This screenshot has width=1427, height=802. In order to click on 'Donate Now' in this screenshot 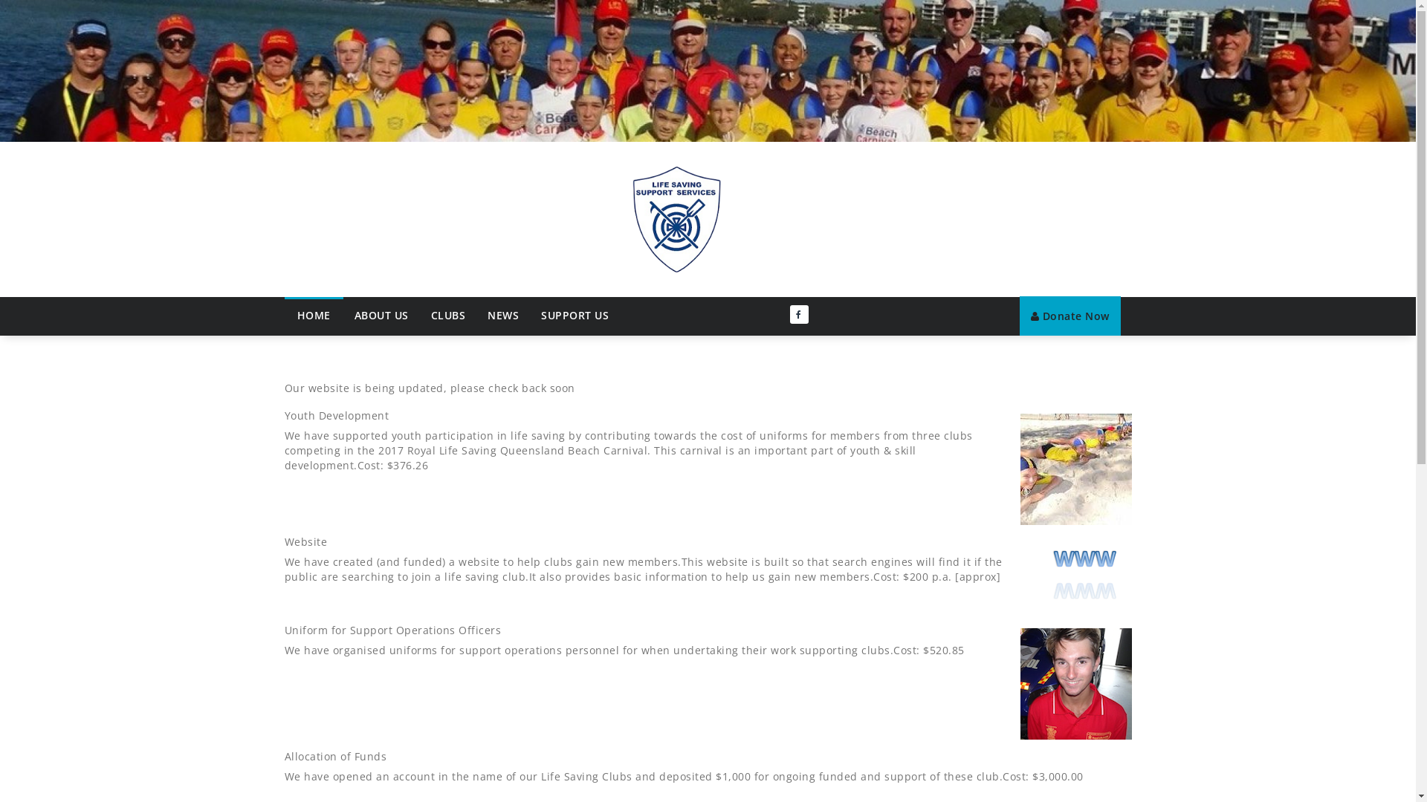, I will do `click(1070, 315)`.